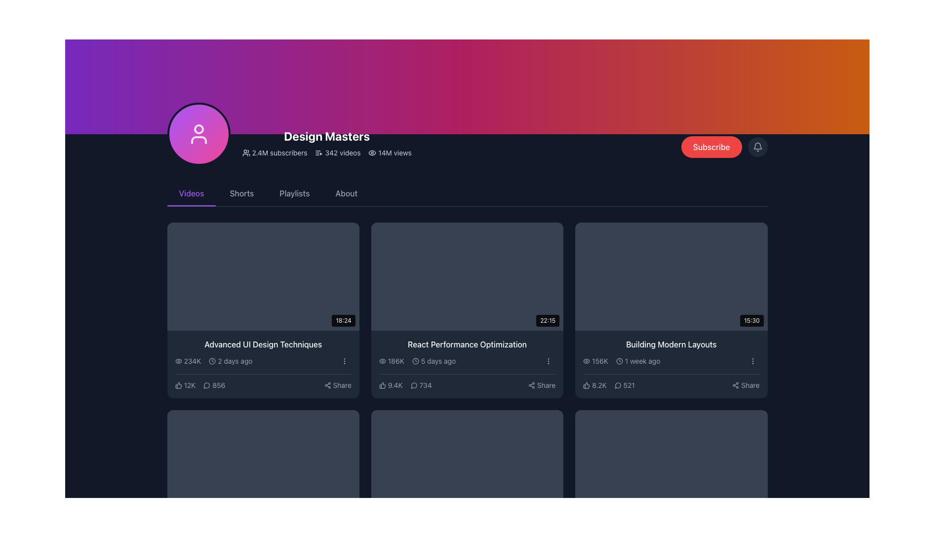  What do you see at coordinates (289, 134) in the screenshot?
I see `text from the informational display group element titled 'Design Masters', which includes statistics such as '2.4M subscribers', '342 videos', and '14M views'` at bounding box center [289, 134].